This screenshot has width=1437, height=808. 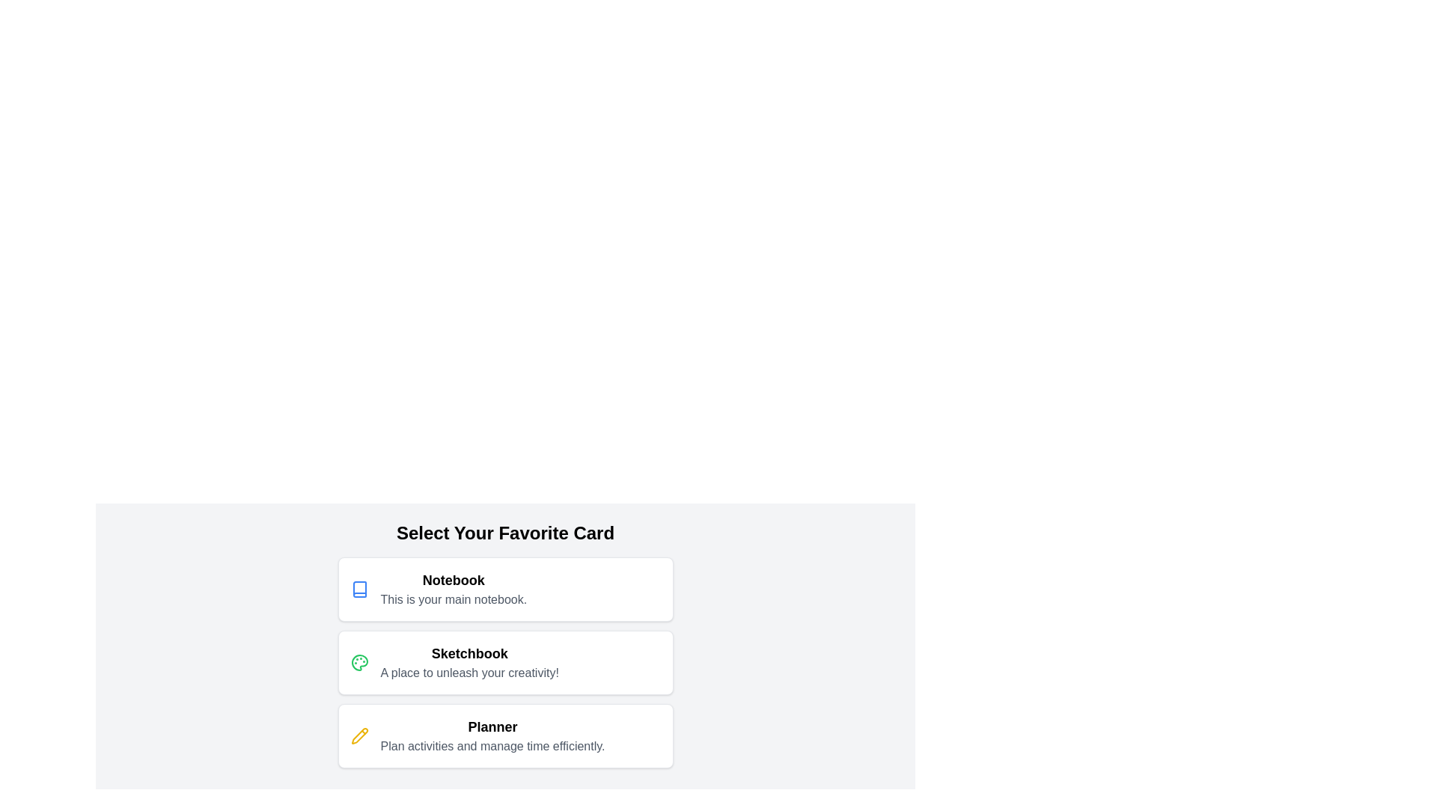 What do you see at coordinates (453, 599) in the screenshot?
I see `the text label that reads 'This is your main notebook.' located beneath the 'Notebook' text in the 'Select Your Favorite Card' section` at bounding box center [453, 599].